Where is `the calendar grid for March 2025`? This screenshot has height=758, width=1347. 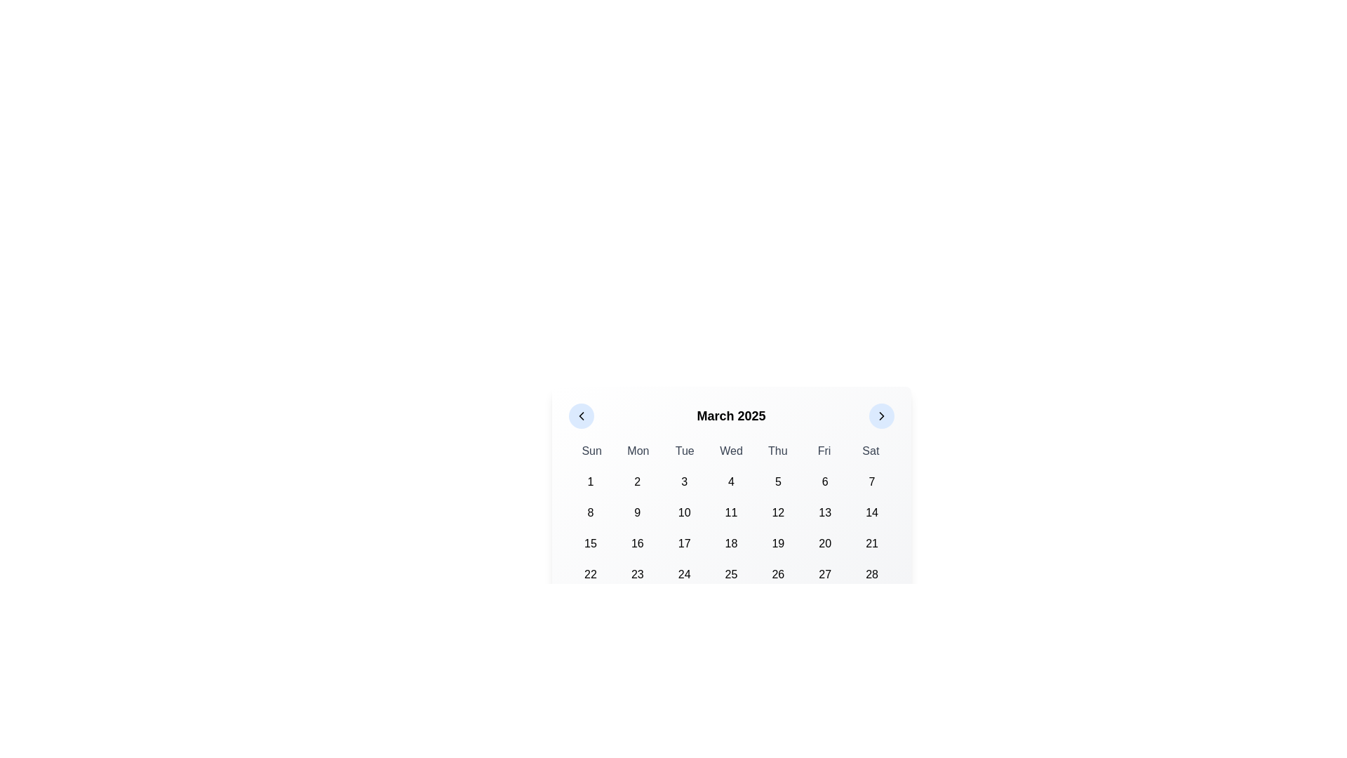 the calendar grid for March 2025 is located at coordinates (730, 543).